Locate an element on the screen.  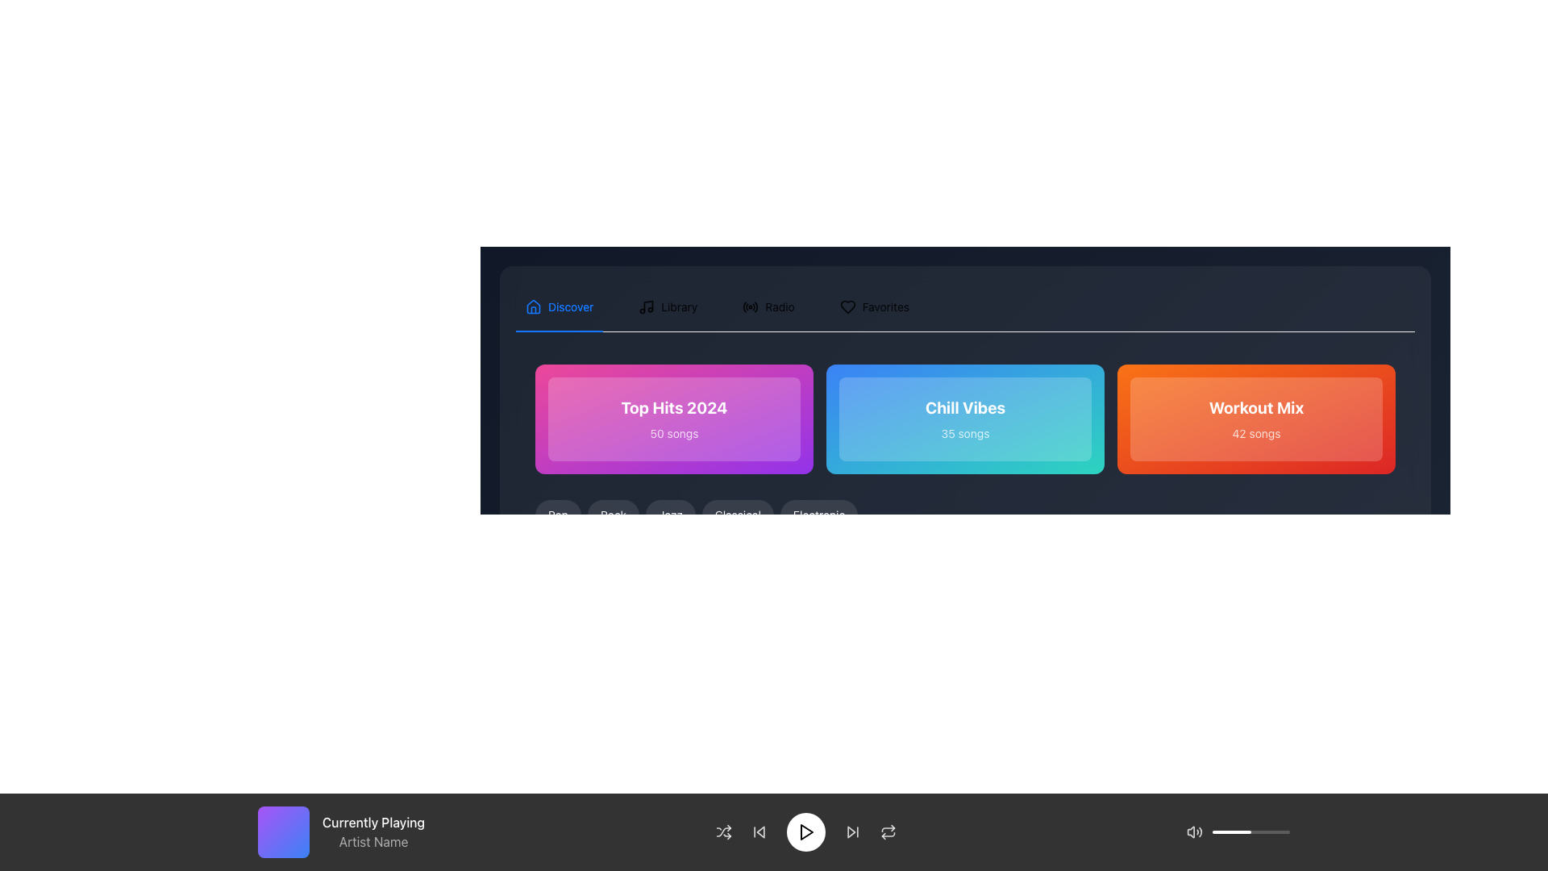
the skip-forward button, which is located on the bottom-right side of the interface in the horizontal control bar is located at coordinates (851, 832).